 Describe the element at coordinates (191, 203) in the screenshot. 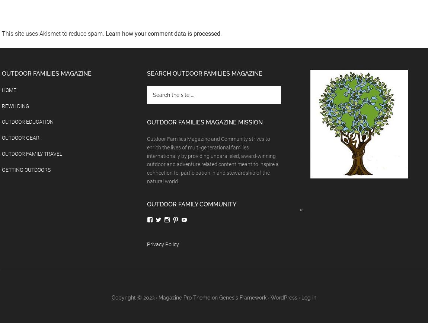

I see `'Outdoor Family Community'` at that location.